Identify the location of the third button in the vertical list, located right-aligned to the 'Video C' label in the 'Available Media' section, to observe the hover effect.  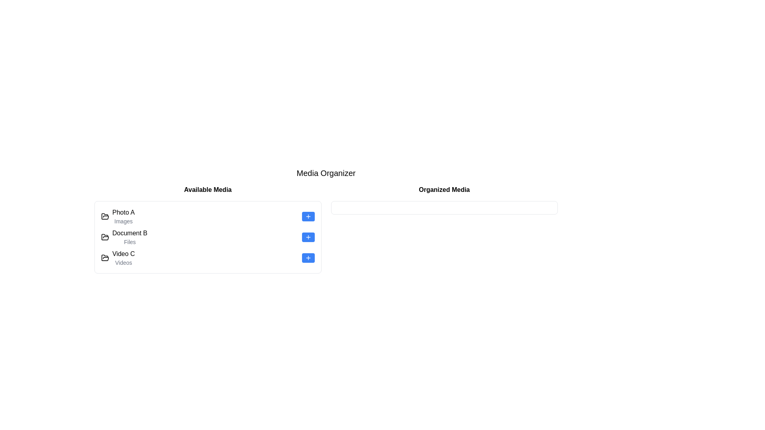
(308, 258).